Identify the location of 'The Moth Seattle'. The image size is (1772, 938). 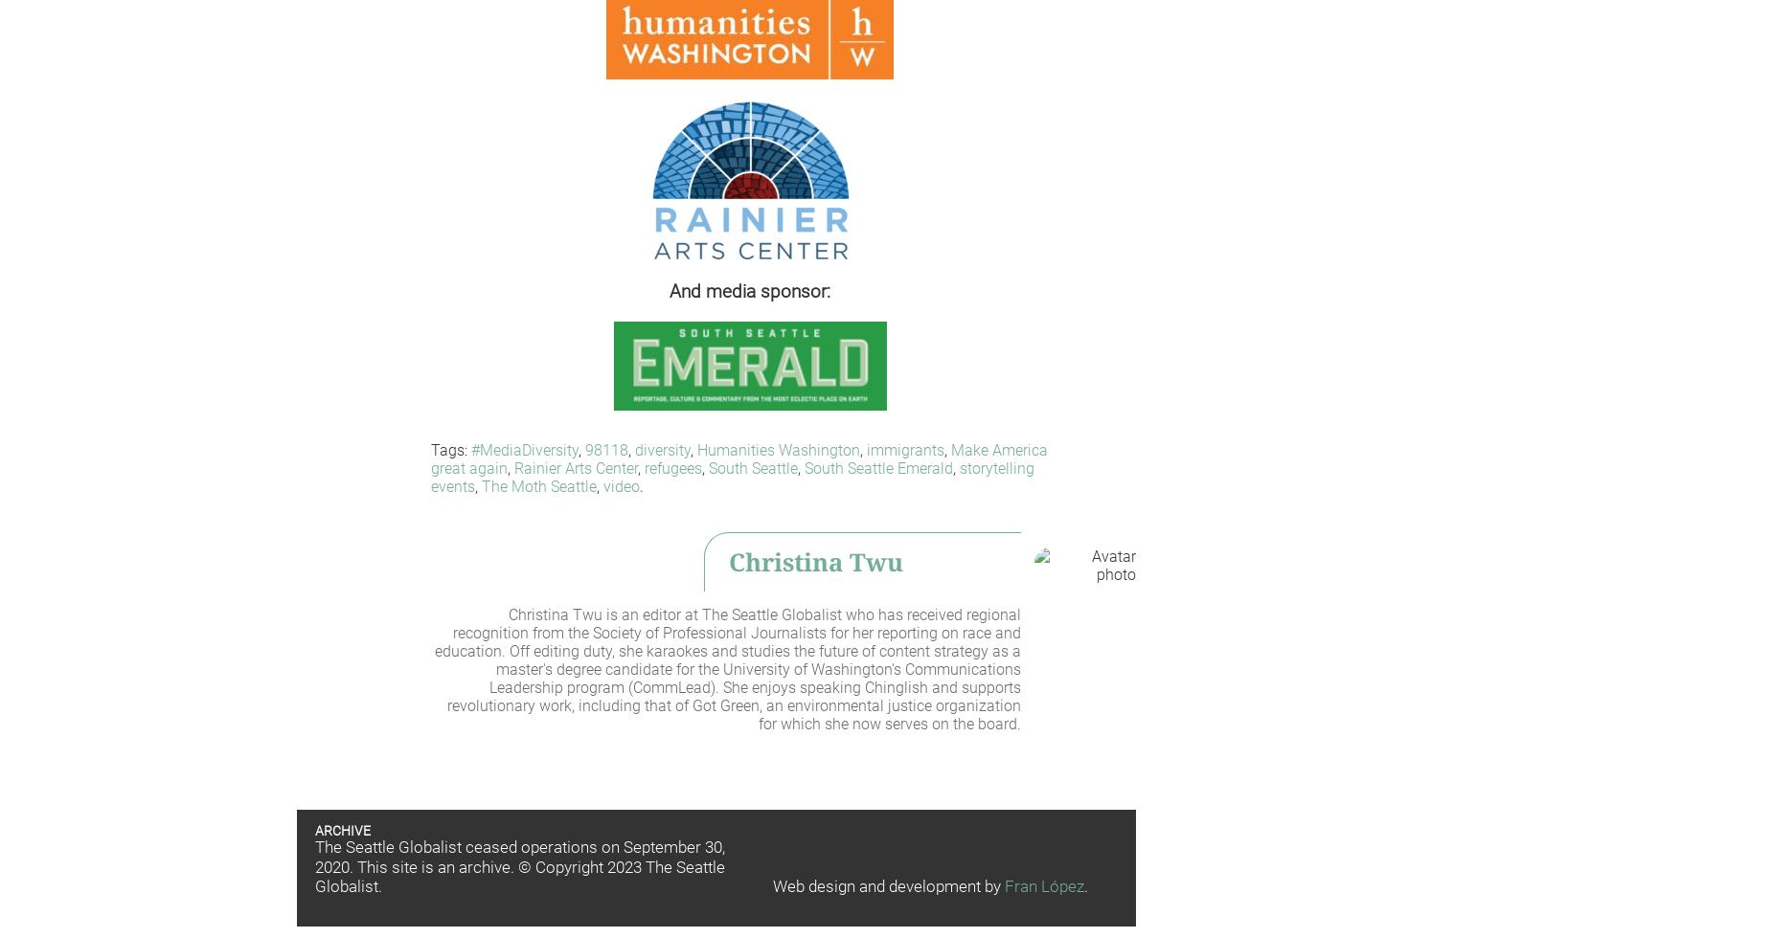
(538, 485).